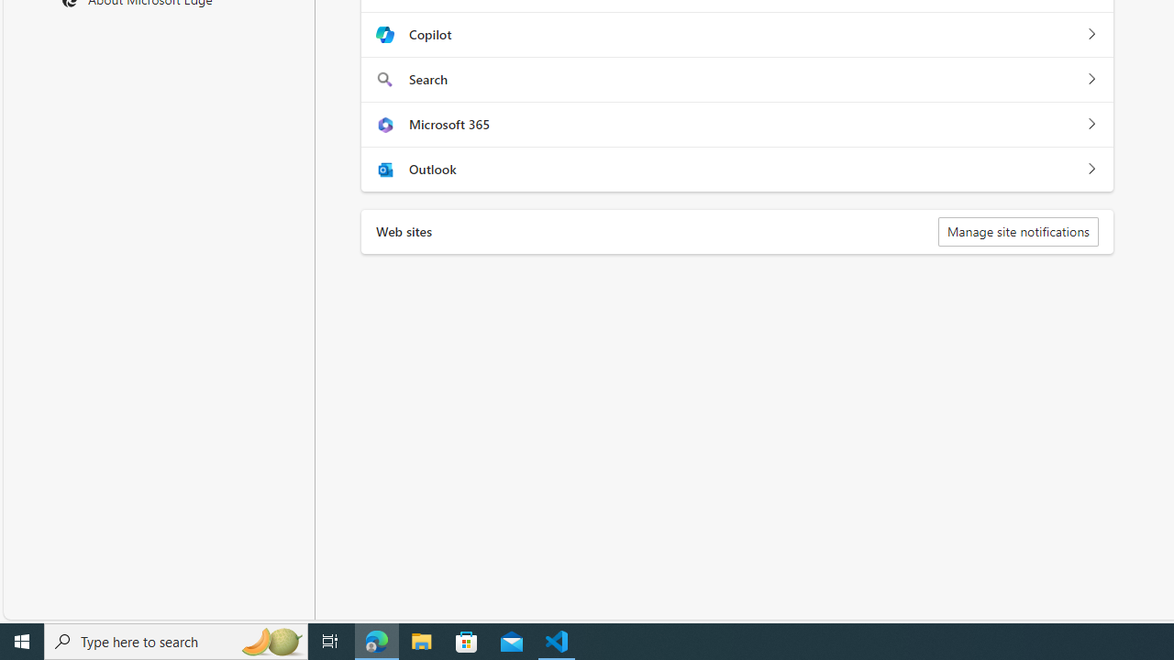 The width and height of the screenshot is (1174, 660). I want to click on 'Manage site notifications', so click(1016, 231).